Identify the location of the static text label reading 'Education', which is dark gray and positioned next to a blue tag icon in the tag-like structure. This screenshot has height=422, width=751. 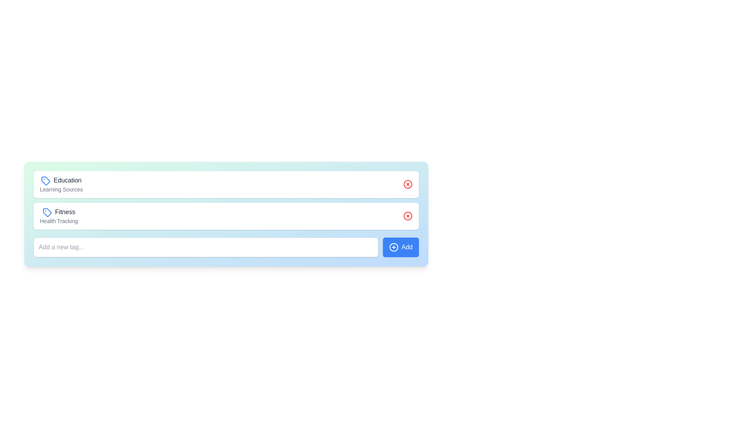
(67, 180).